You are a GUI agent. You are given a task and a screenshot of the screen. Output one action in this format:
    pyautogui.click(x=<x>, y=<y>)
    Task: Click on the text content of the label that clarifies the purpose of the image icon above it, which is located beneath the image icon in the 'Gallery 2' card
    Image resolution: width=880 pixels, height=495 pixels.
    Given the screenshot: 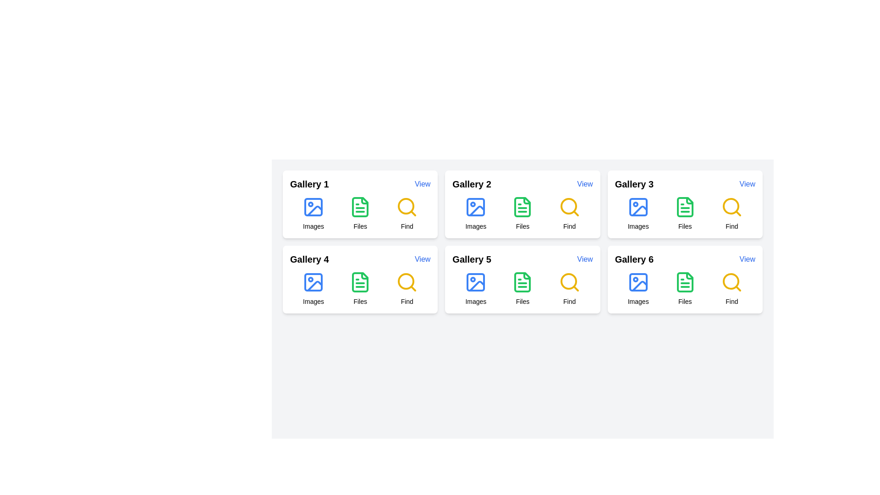 What is the action you would take?
    pyautogui.click(x=476, y=226)
    